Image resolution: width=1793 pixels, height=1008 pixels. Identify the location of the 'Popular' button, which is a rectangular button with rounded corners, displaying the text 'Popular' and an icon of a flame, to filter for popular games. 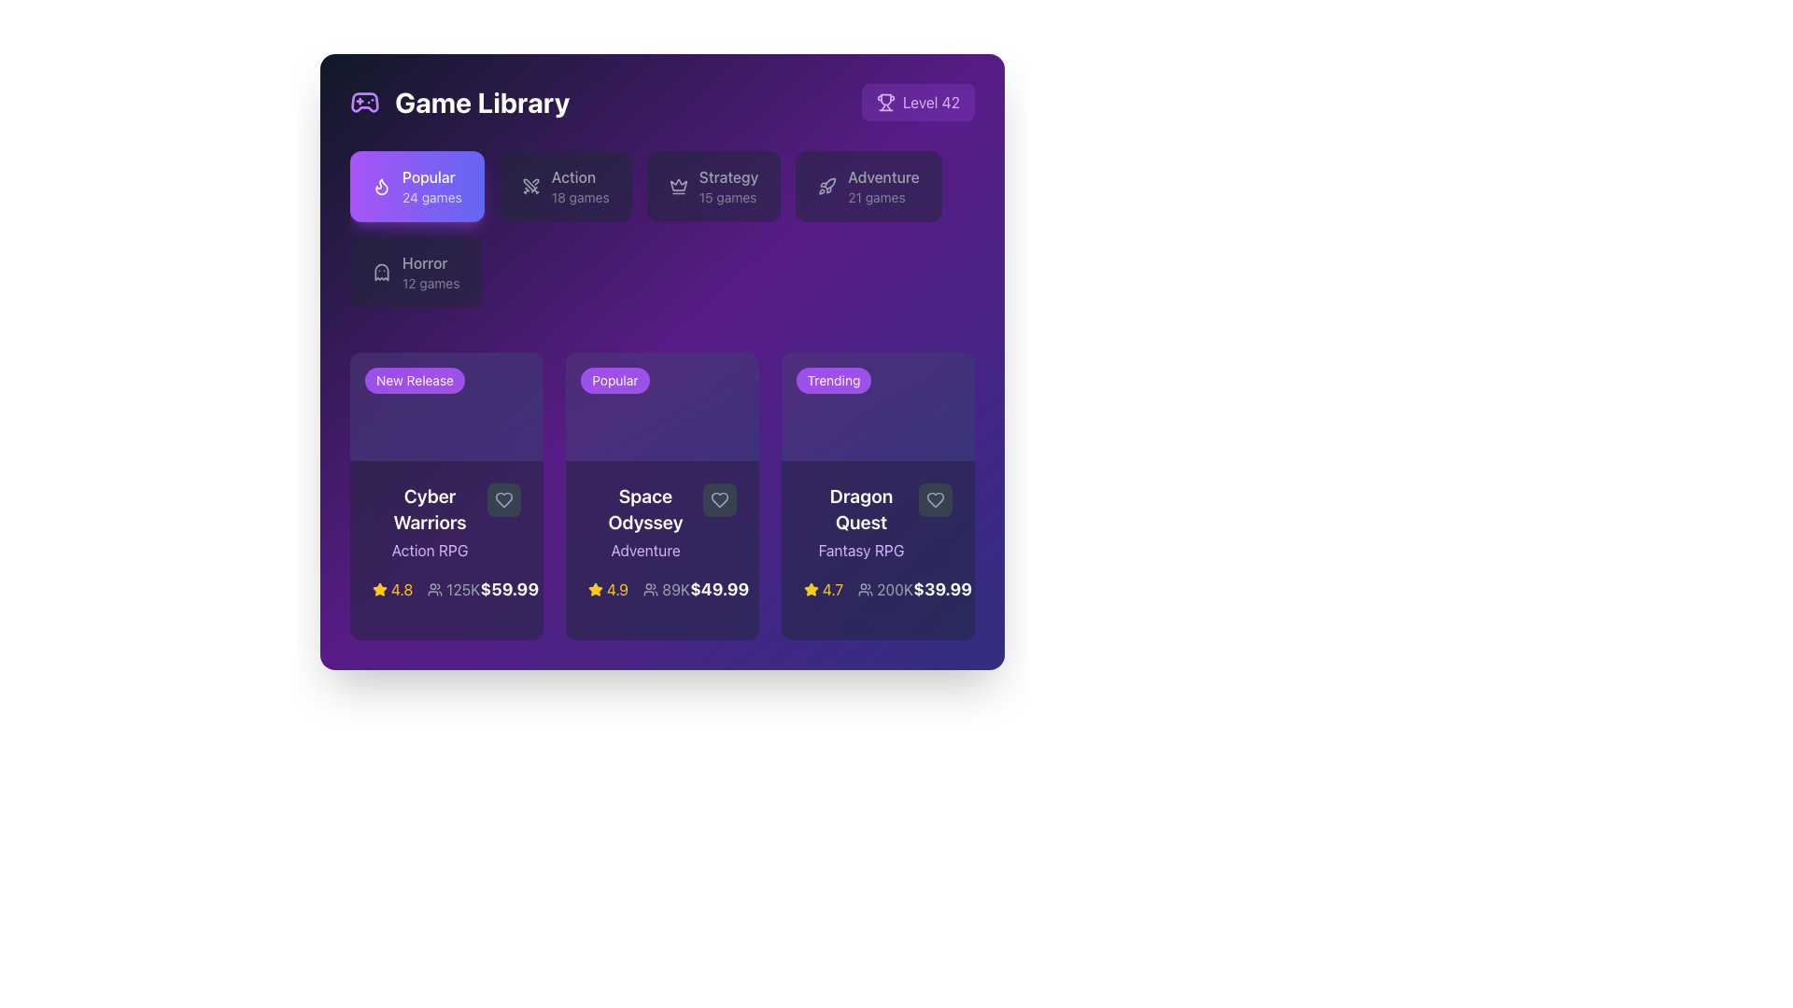
(416, 187).